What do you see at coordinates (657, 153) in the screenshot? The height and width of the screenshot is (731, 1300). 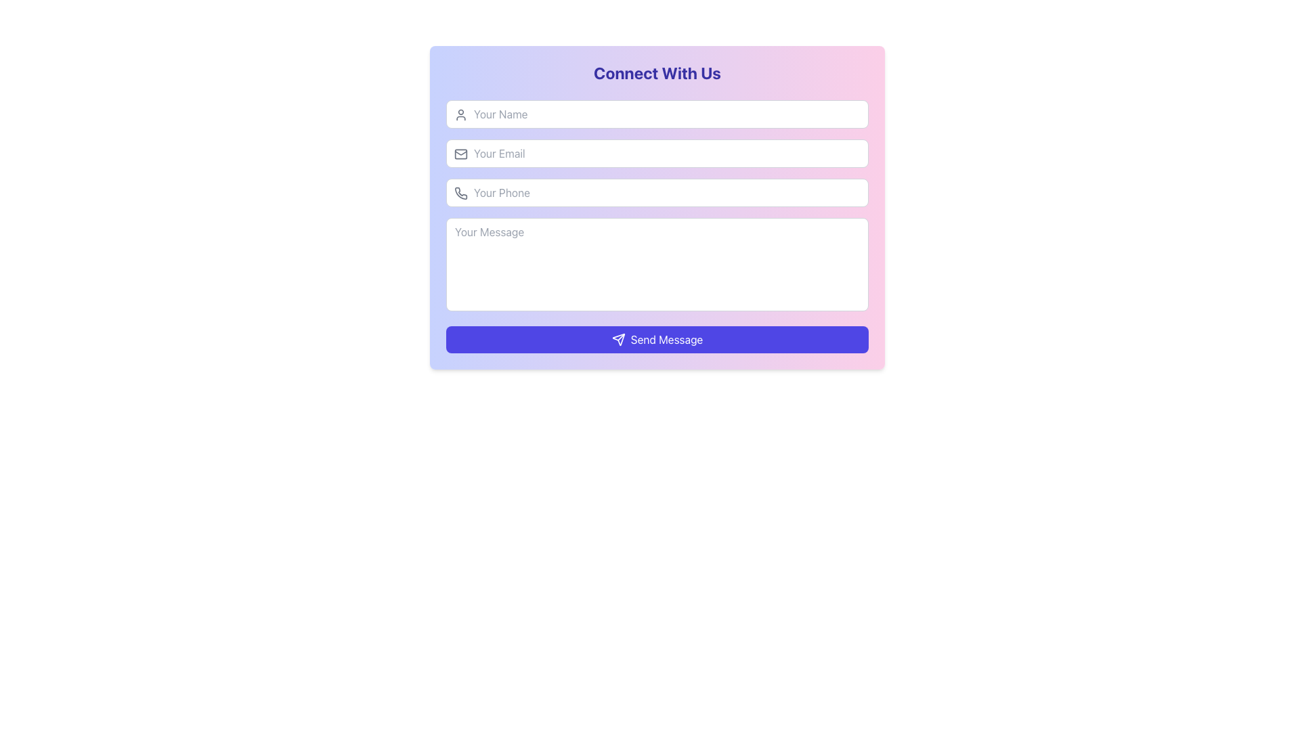 I see `the email input field in the 'Connect With Us' form to focus it` at bounding box center [657, 153].